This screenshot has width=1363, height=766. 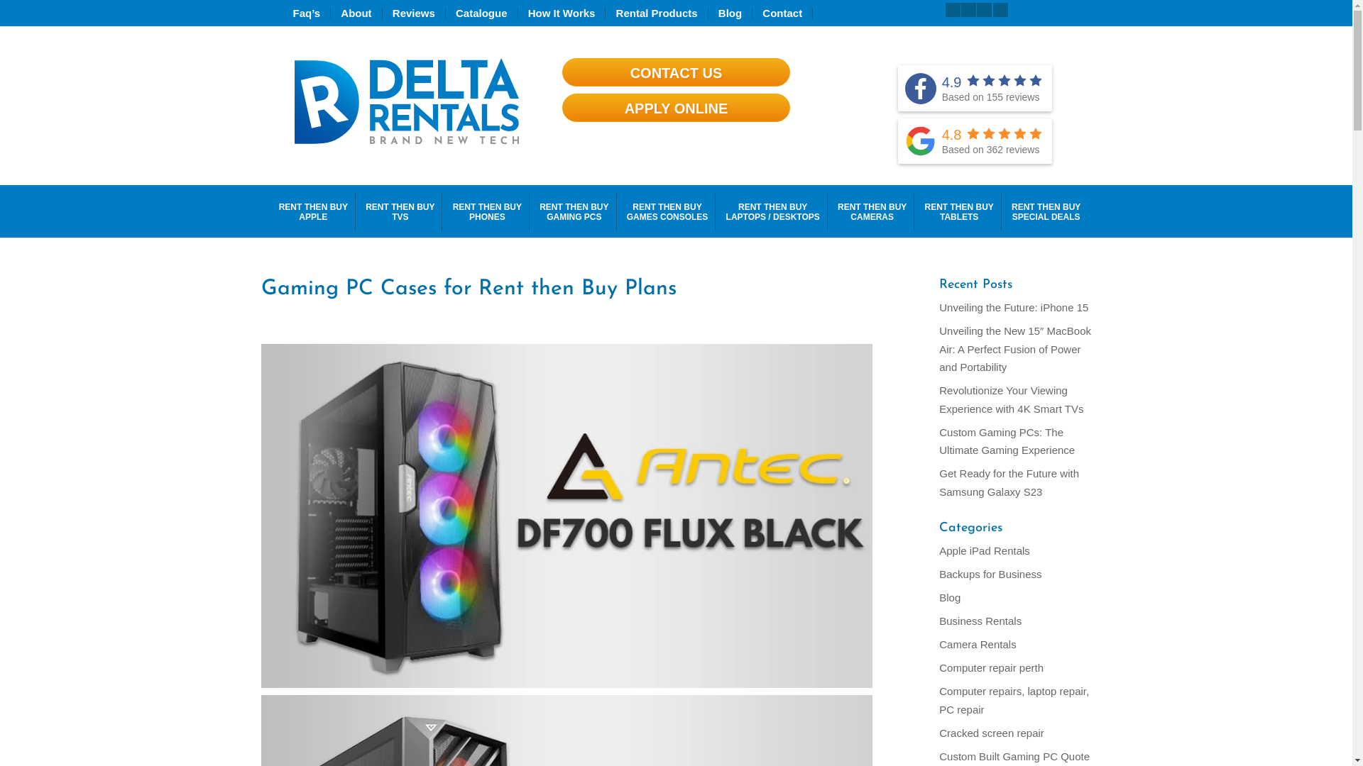 What do you see at coordinates (626, 212) in the screenshot?
I see `'RENT THEN BUY` at bounding box center [626, 212].